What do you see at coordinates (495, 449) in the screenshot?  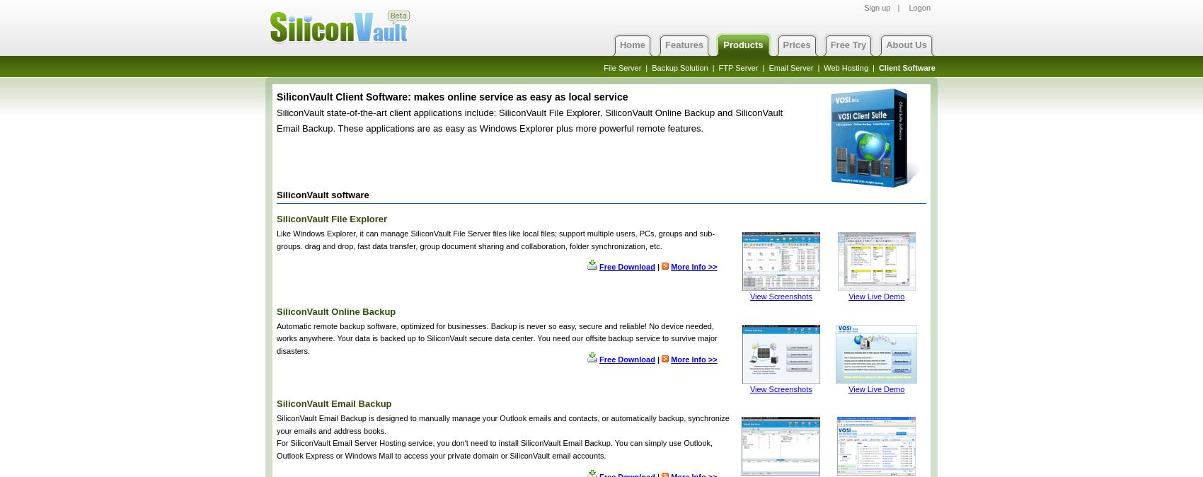 I see `'For SiliconVault Email Server Hosting service, you don't need to install SiliconVault Email Backup. You can simply use Outlook, Outlook Express or Windows Mail to access your private domain or SiliconVault email accounts.'` at bounding box center [495, 449].